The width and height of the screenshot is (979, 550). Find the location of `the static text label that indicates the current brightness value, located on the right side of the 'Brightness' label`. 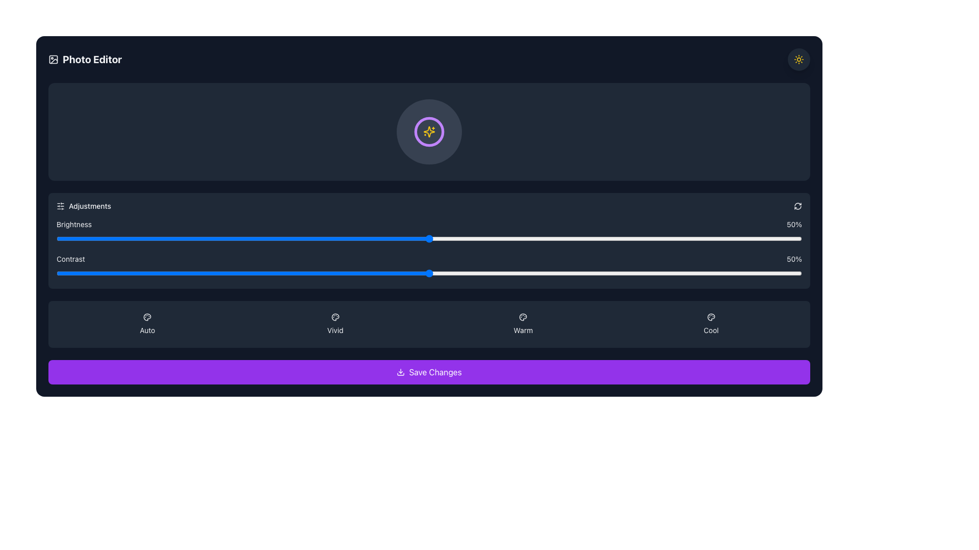

the static text label that indicates the current brightness value, located on the right side of the 'Brightness' label is located at coordinates (794, 224).